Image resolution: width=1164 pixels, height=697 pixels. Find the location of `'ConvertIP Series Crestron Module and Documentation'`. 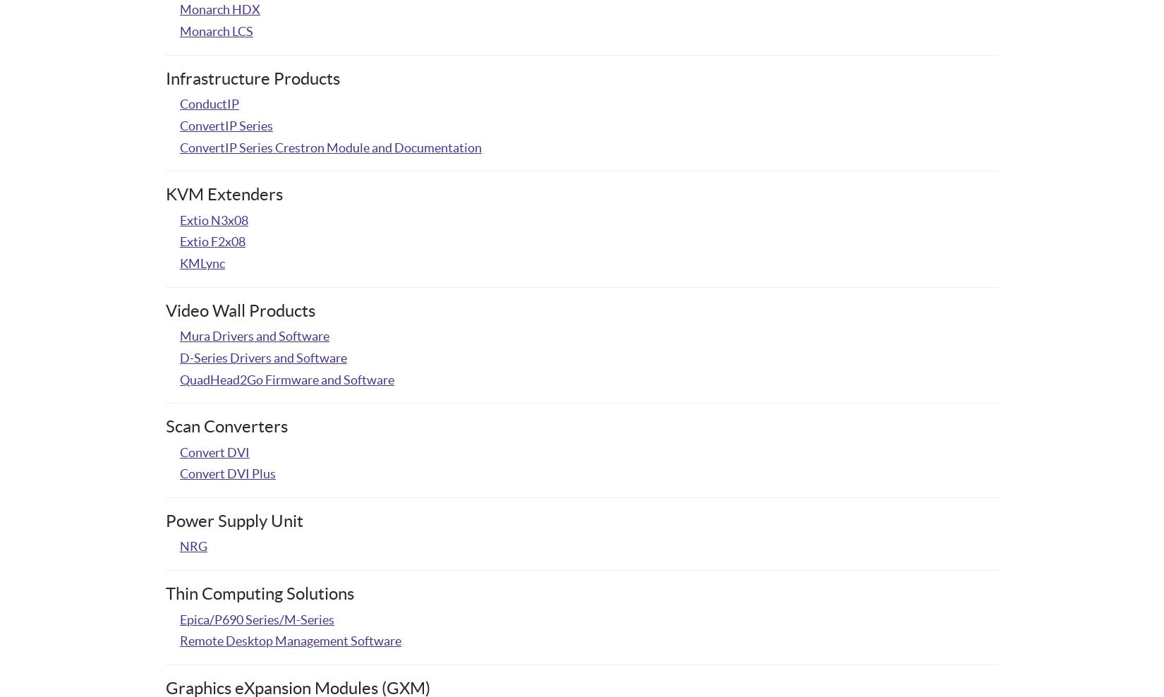

'ConvertIP Series Crestron Module and Documentation' is located at coordinates (329, 147).